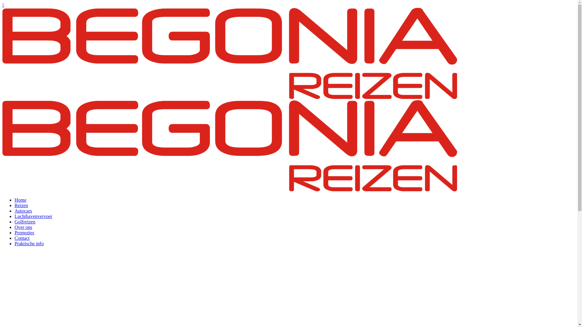 The height and width of the screenshot is (327, 582). What do you see at coordinates (23, 210) in the screenshot?
I see `'Autocars'` at bounding box center [23, 210].